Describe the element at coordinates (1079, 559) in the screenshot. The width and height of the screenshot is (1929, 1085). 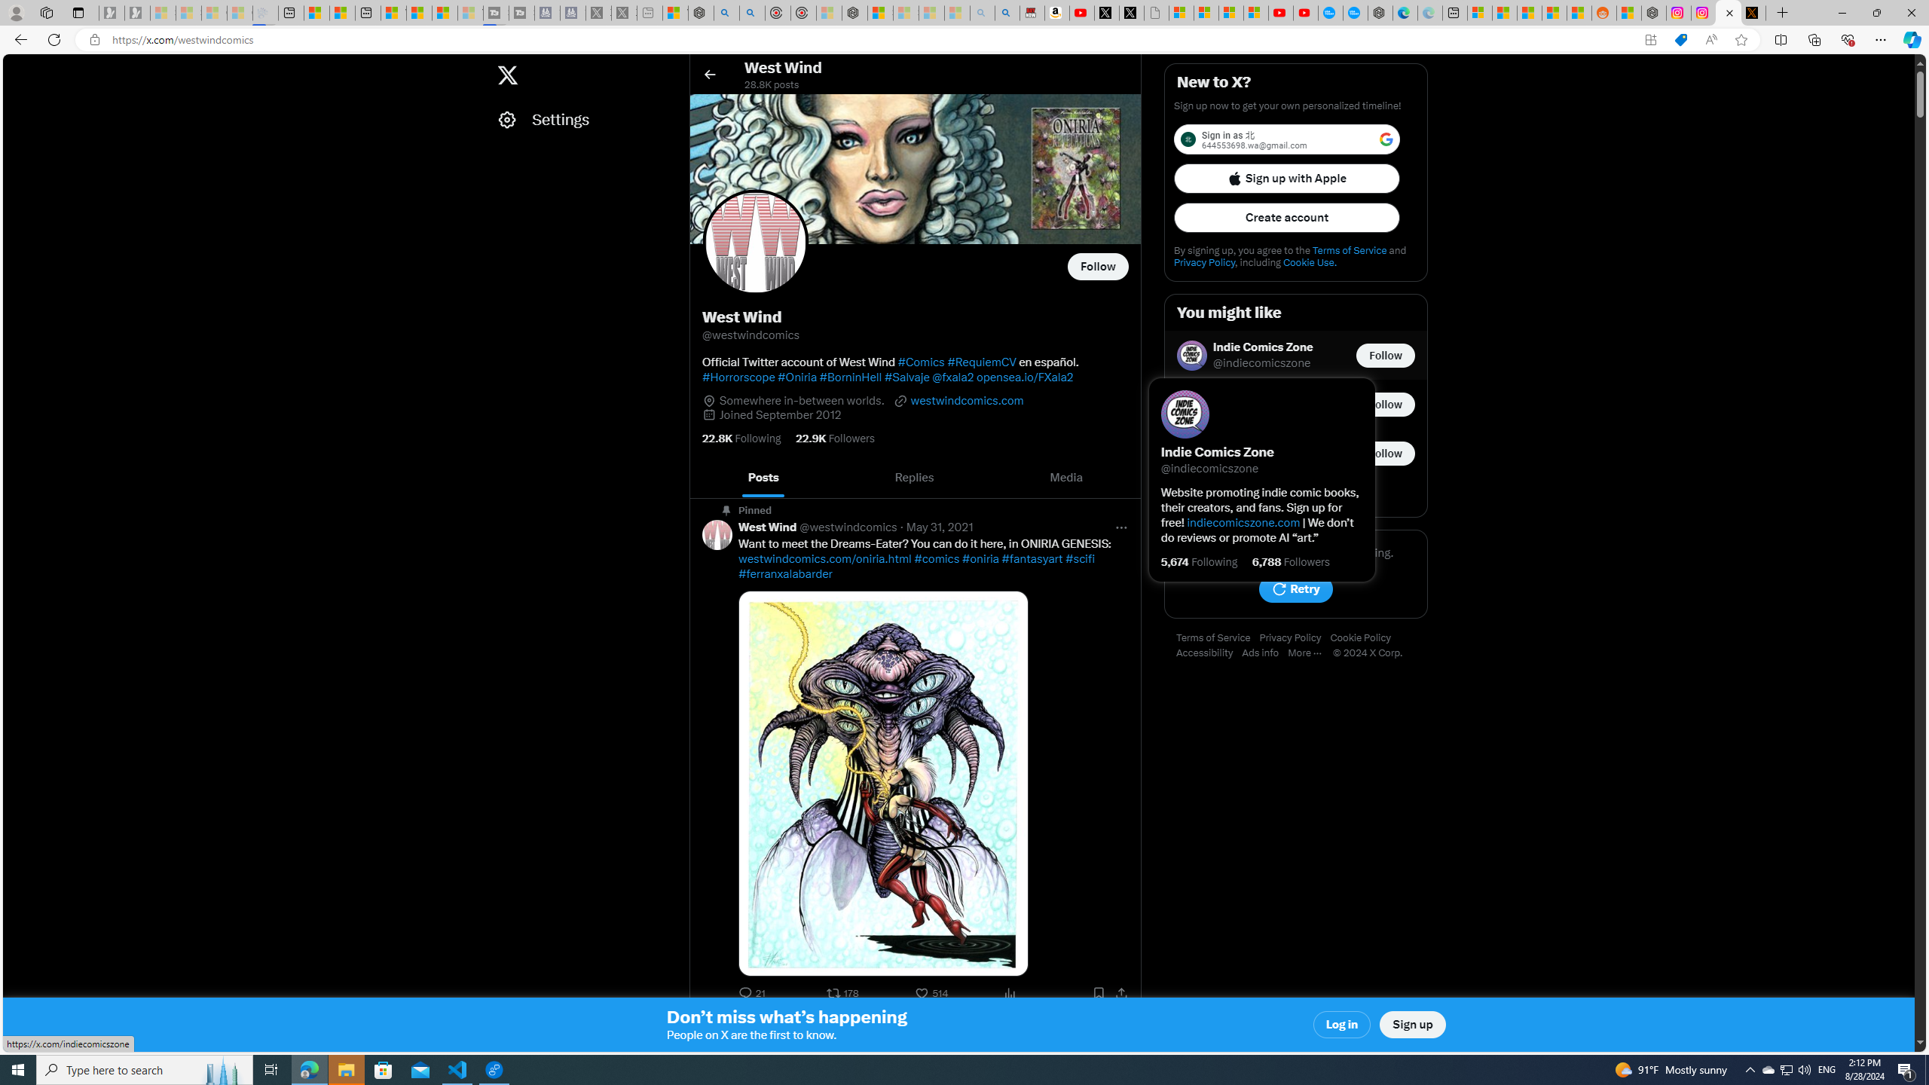
I see `'#scifi'` at that location.